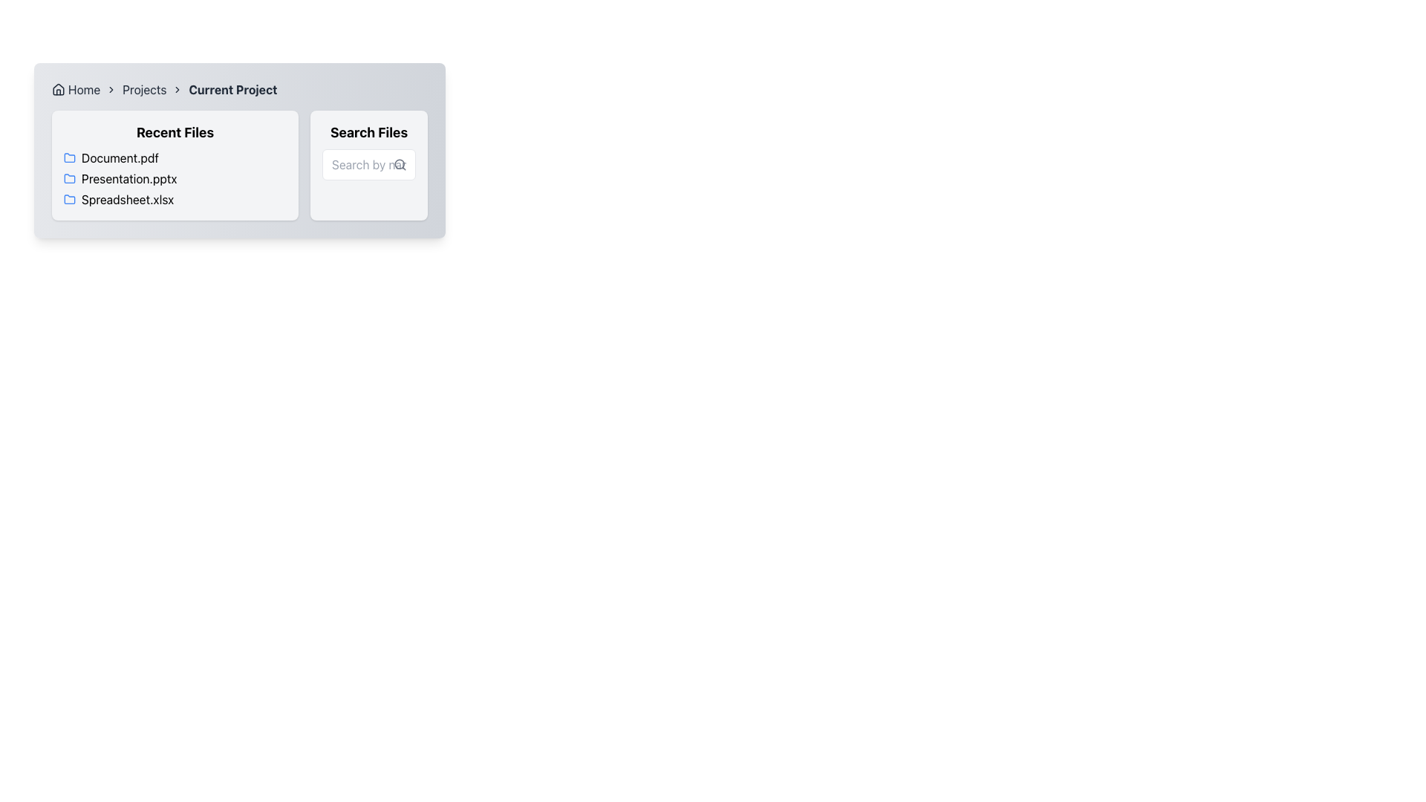 Image resolution: width=1426 pixels, height=802 pixels. Describe the element at coordinates (175, 177) in the screenshot. I see `the file entry named 'Presentation.pptx' in the 'Recent Files' listing` at that location.